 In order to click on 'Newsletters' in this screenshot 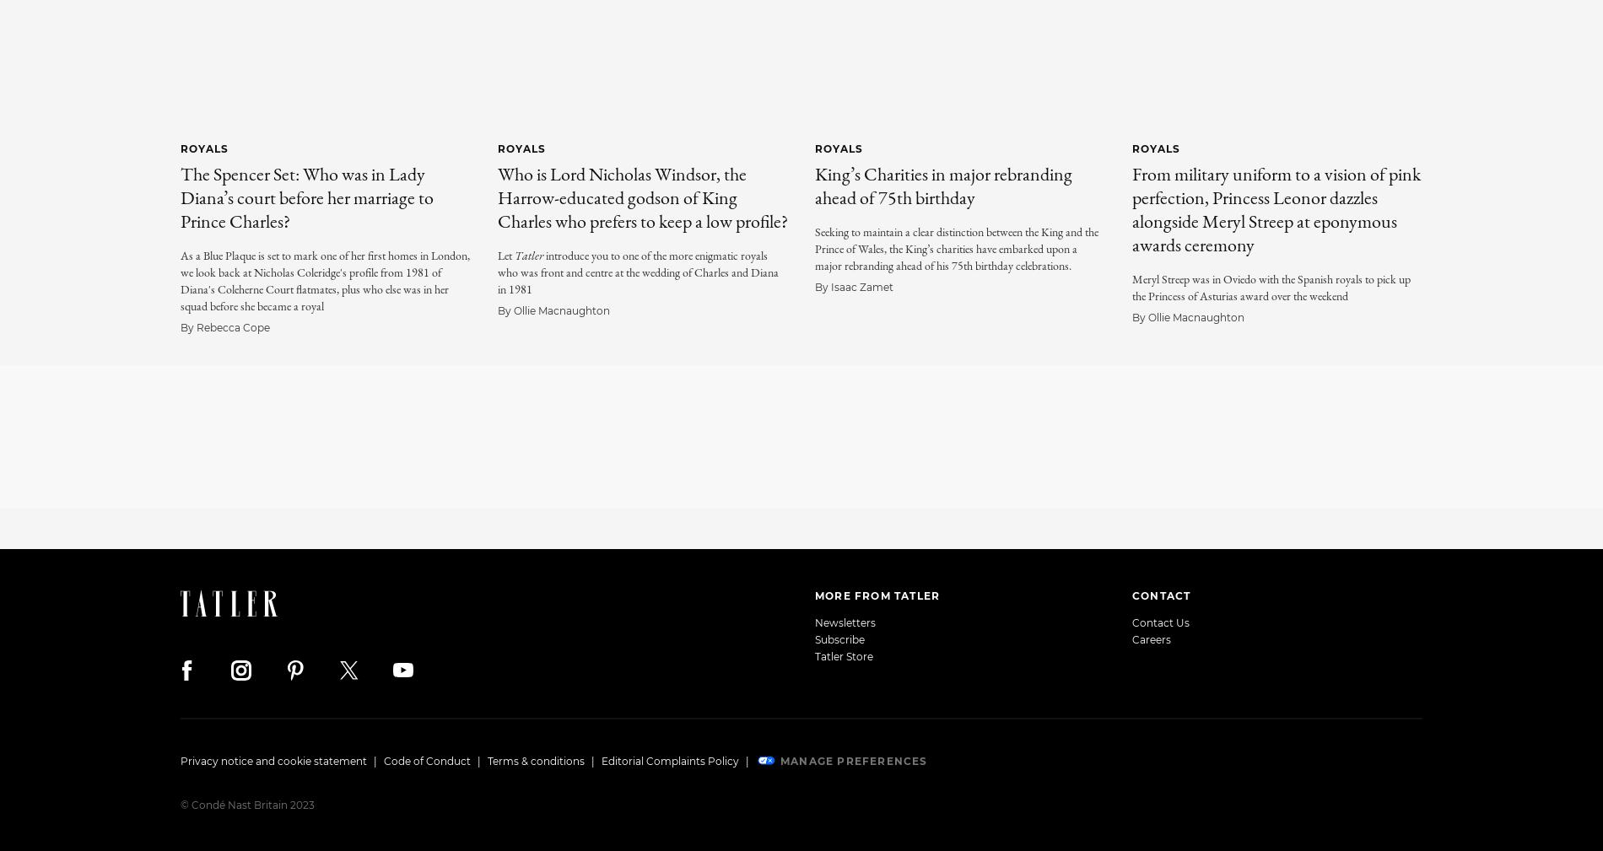, I will do `click(845, 622)`.